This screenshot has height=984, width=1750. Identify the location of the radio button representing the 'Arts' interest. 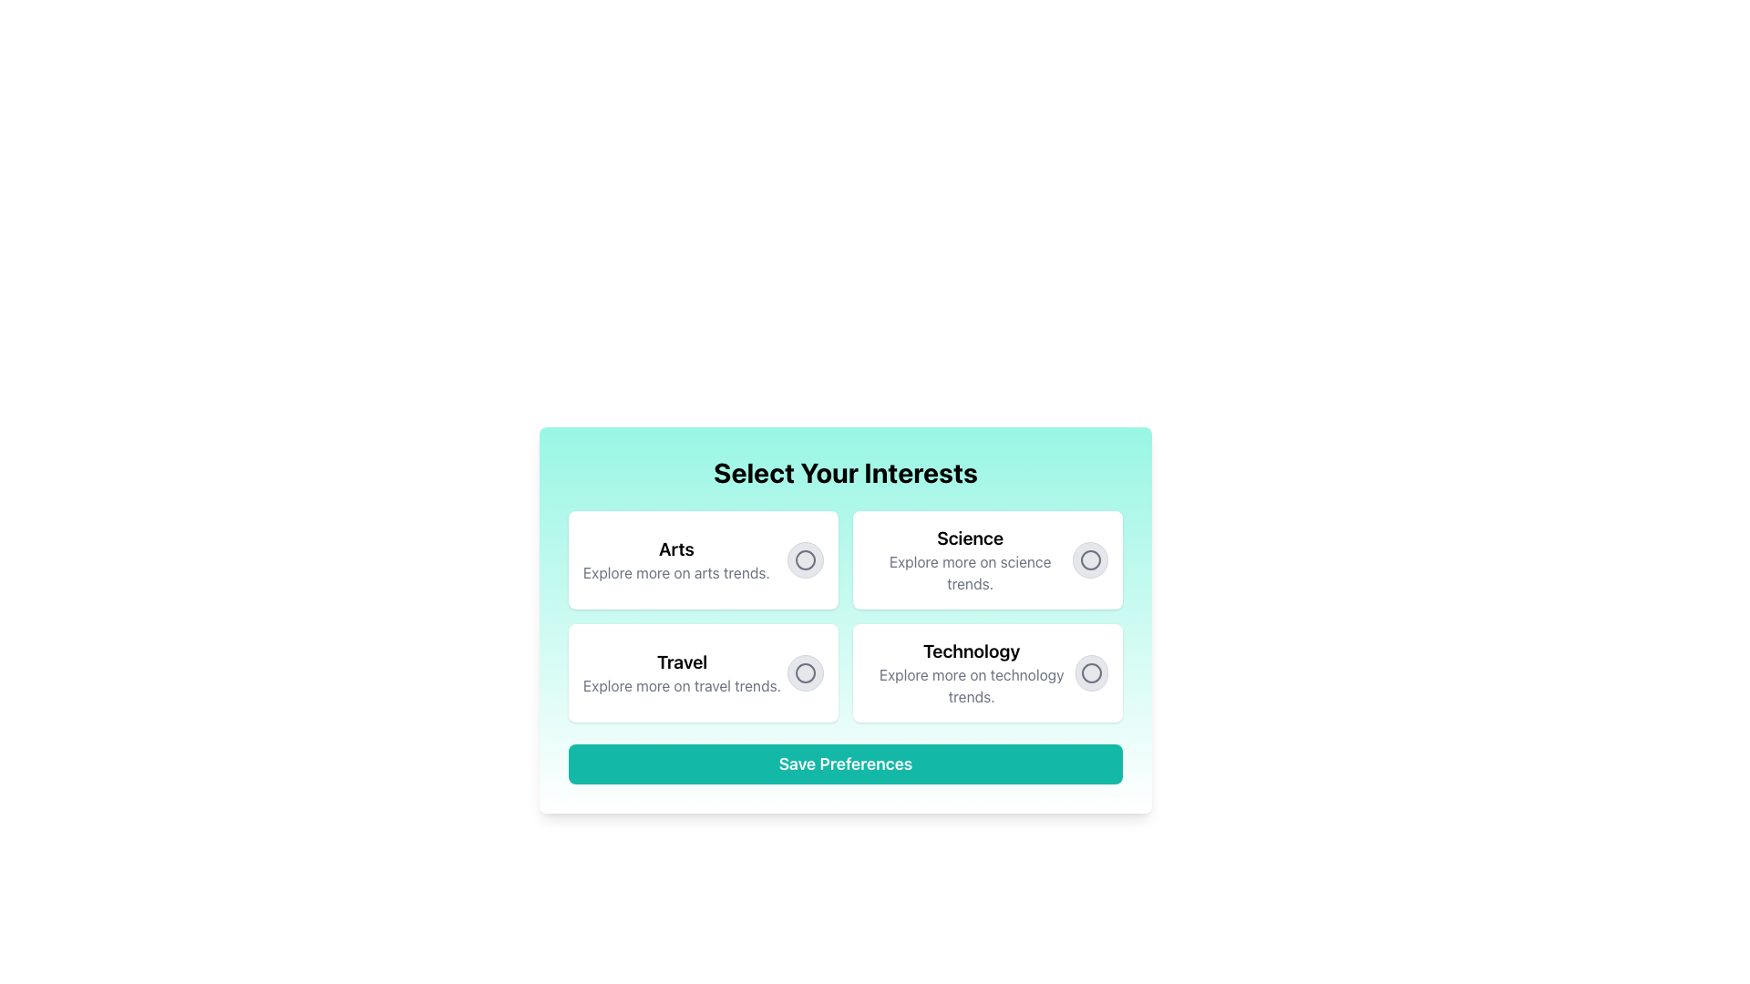
(804, 559).